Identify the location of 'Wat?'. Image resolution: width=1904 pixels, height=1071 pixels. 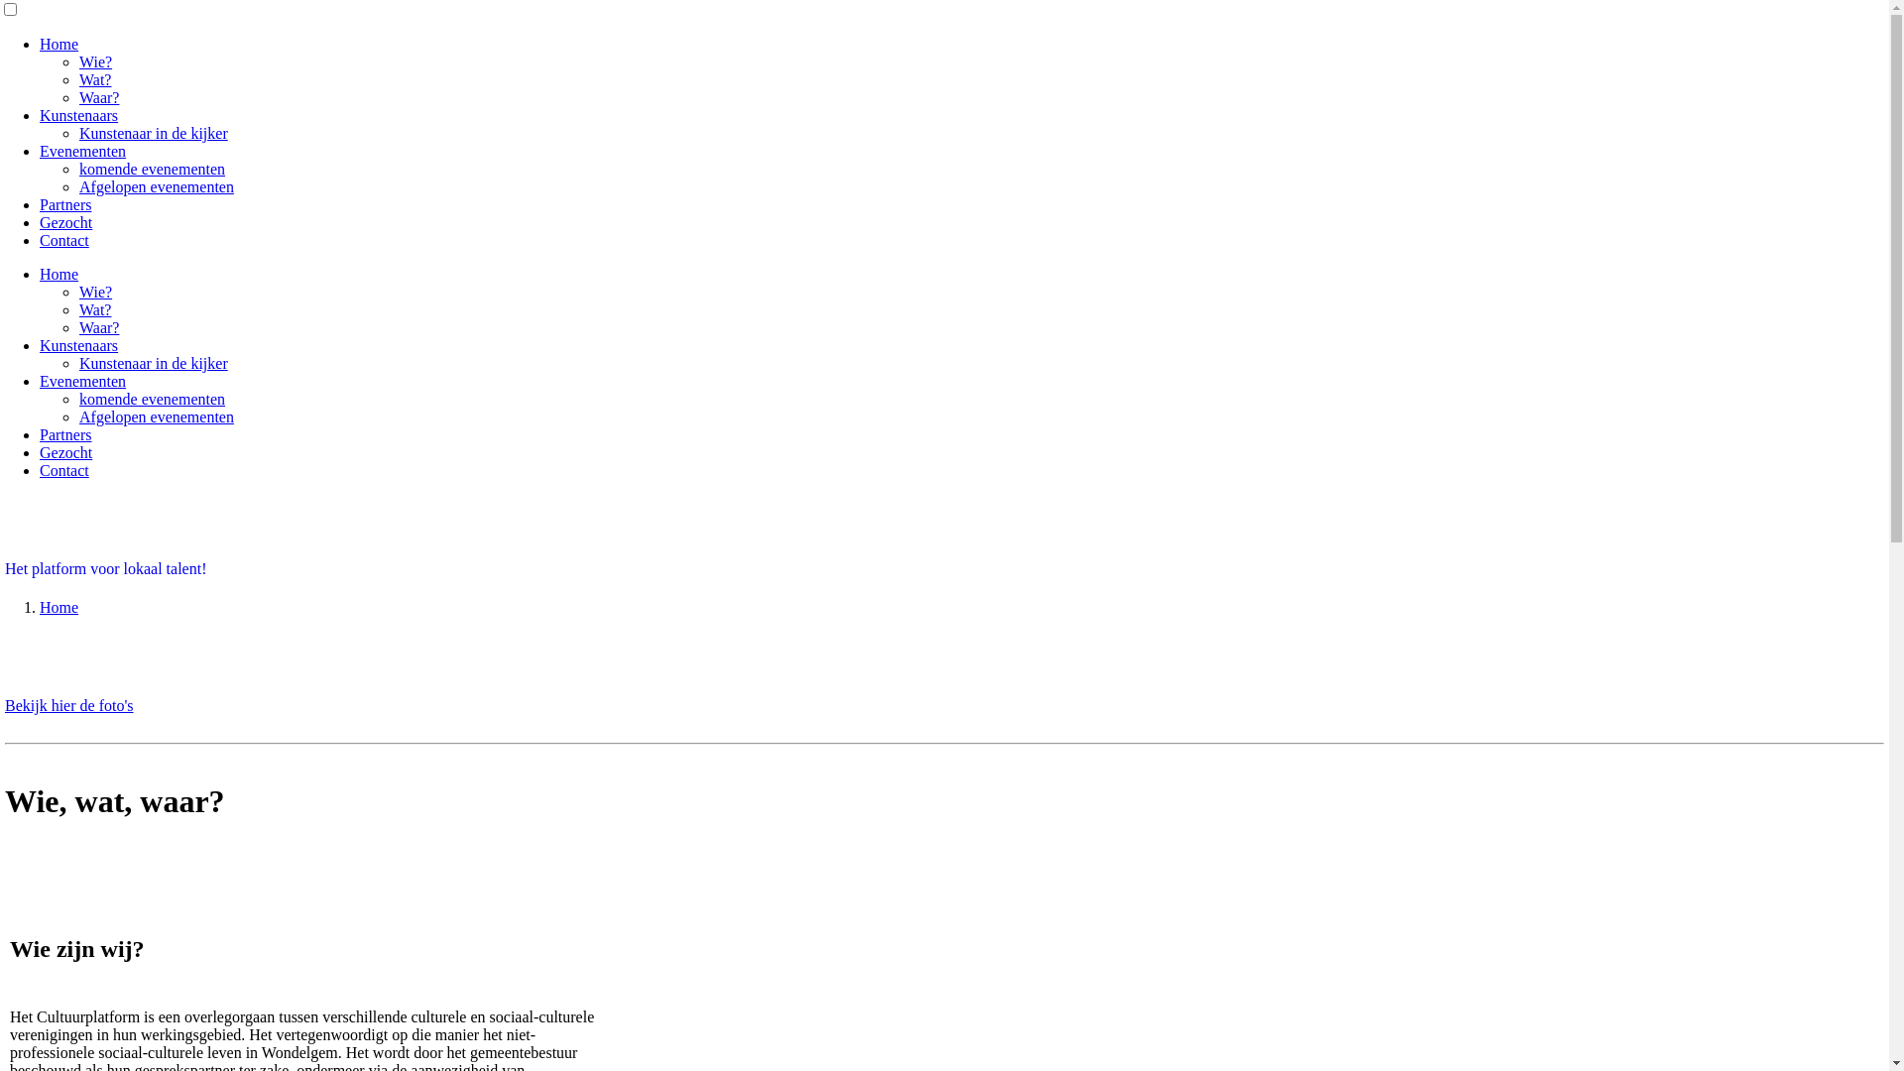
(94, 78).